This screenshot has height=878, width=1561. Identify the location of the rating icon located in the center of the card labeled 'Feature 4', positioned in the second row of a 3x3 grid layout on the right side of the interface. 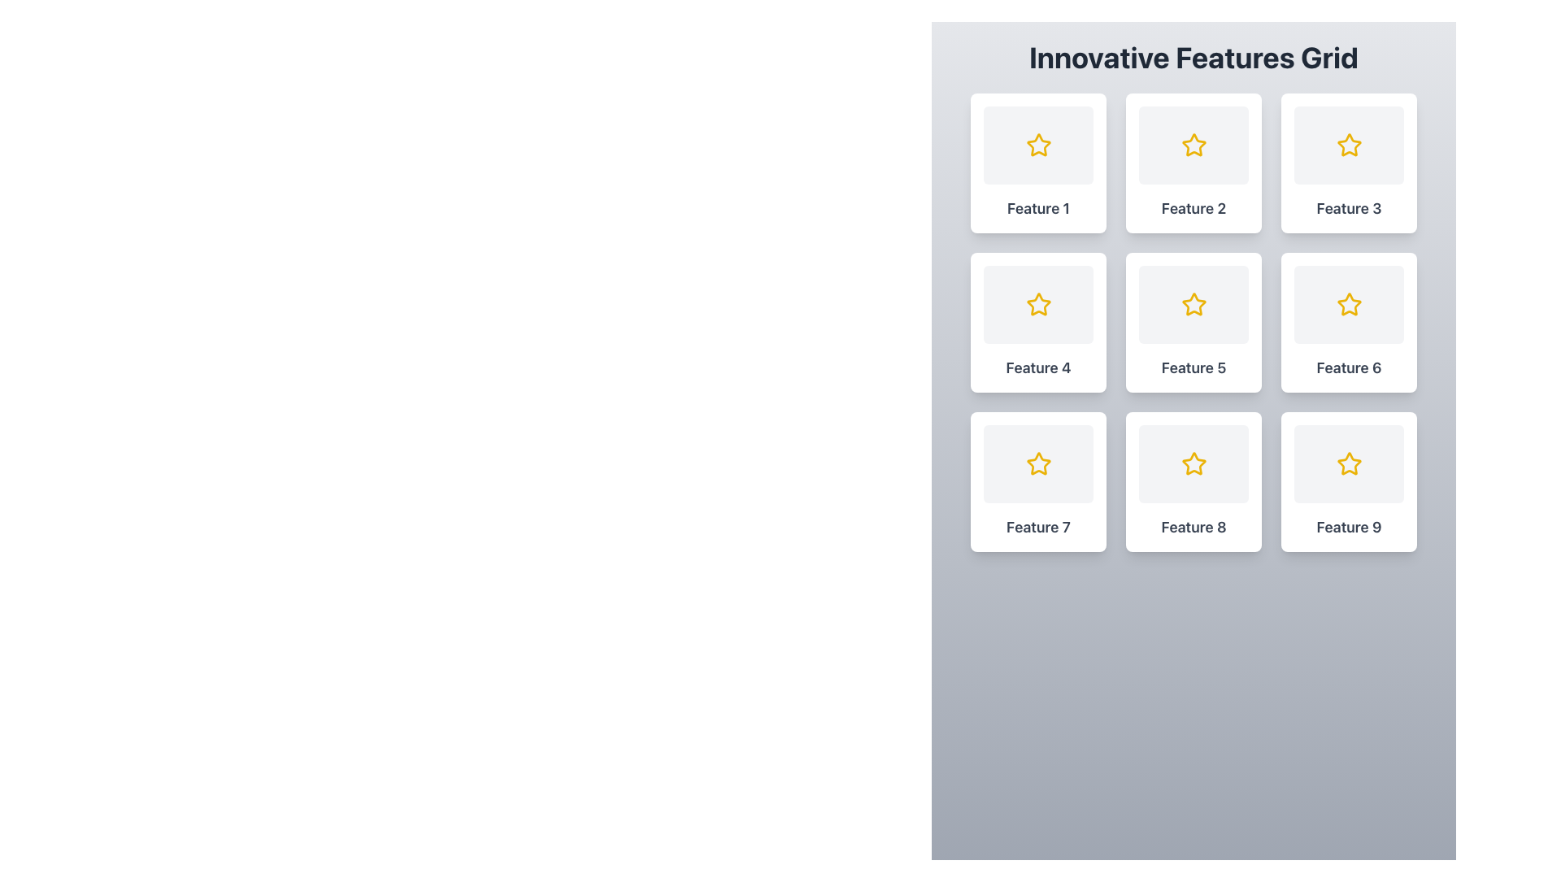
(1037, 304).